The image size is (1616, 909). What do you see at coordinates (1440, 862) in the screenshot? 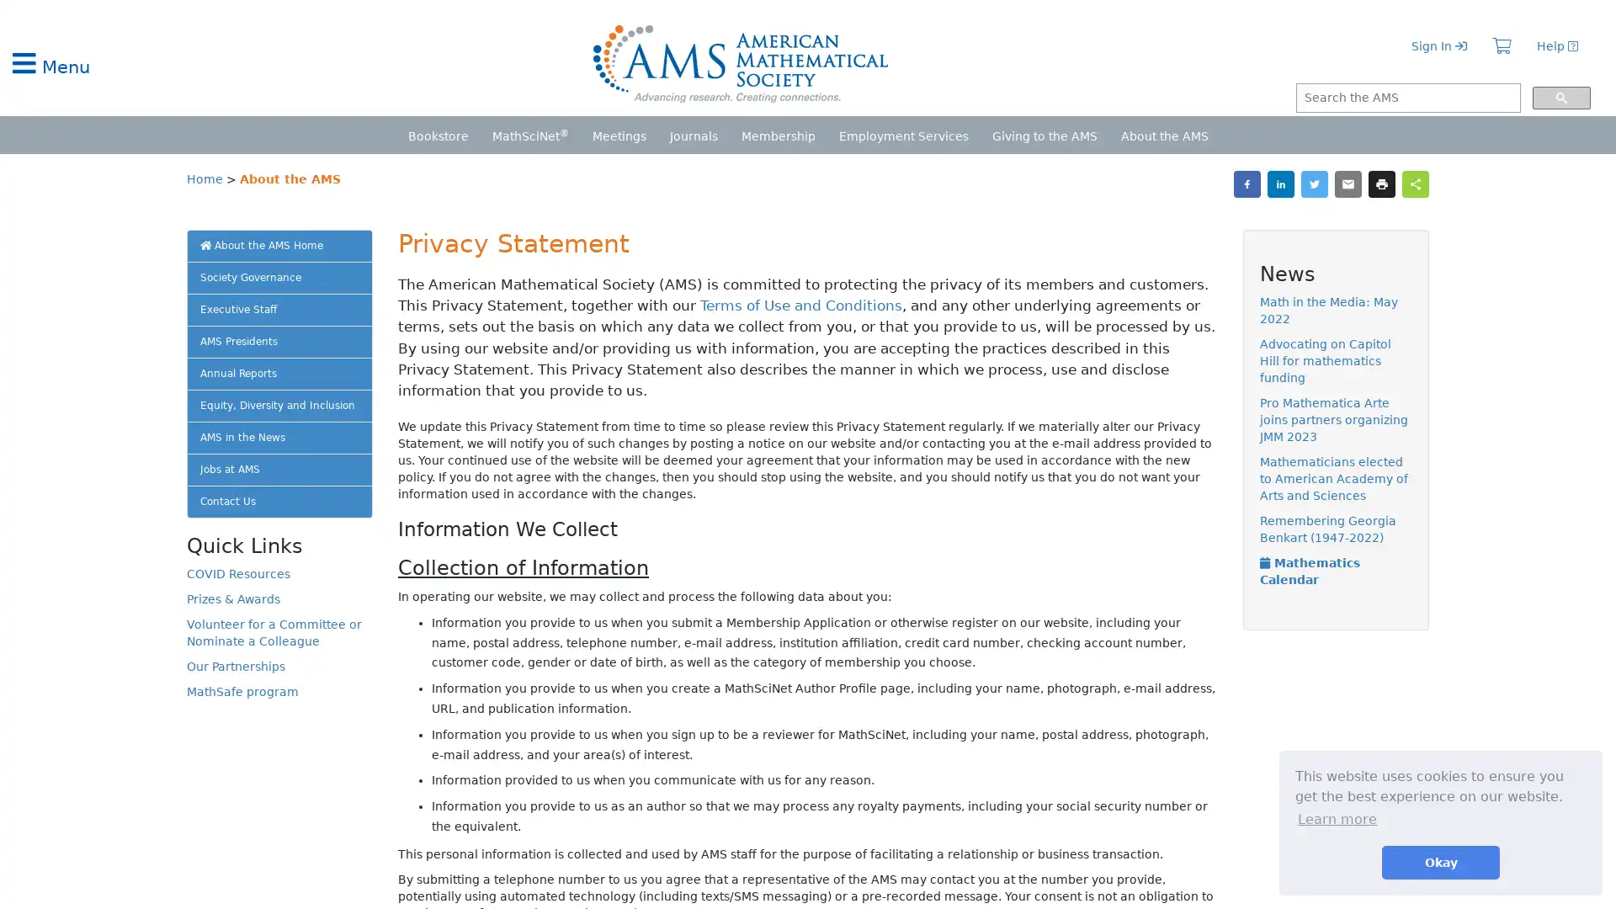
I see `dismiss cookie message` at bounding box center [1440, 862].